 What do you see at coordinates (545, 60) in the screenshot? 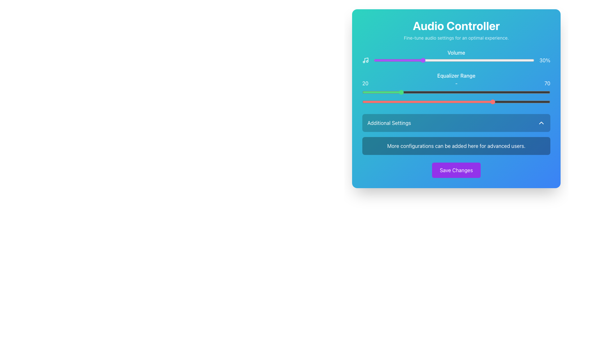
I see `the Text Label displaying '30%' which is located to the right of the Volume slider under the Audio Controller title` at bounding box center [545, 60].